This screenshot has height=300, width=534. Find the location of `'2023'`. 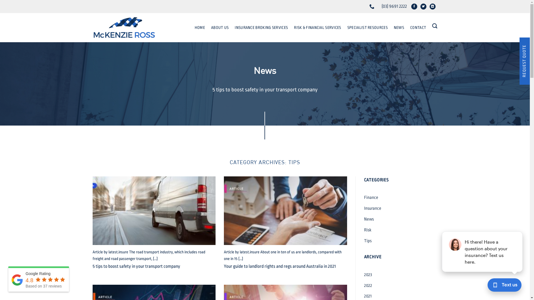

'2023' is located at coordinates (368, 274).